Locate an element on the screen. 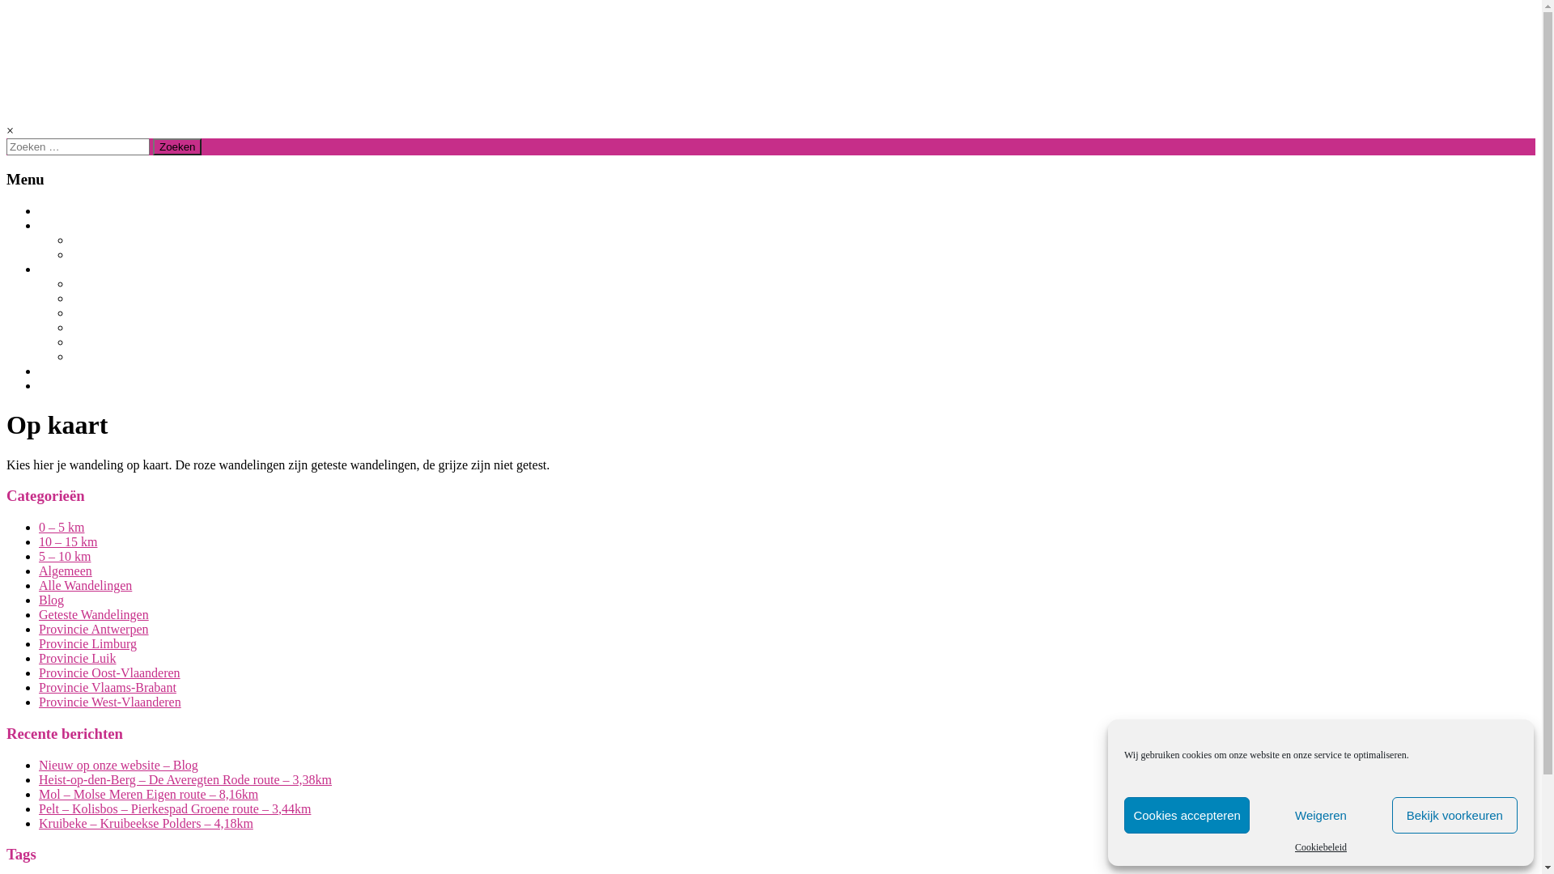 The height and width of the screenshot is (874, 1554). 'Cookiebeleid' is located at coordinates (1321, 846).